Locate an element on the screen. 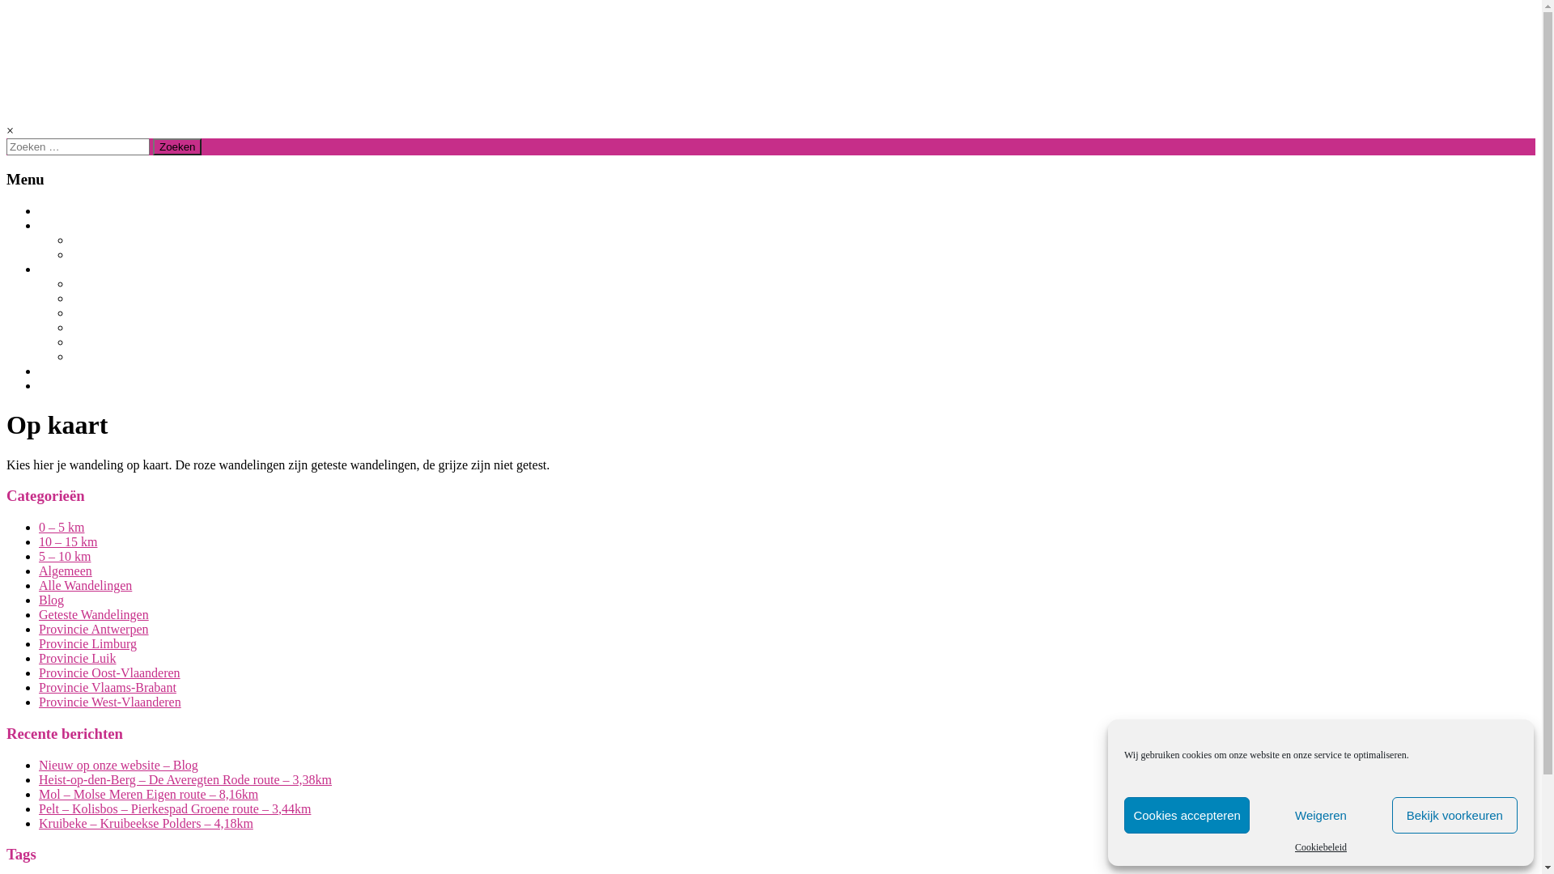 The height and width of the screenshot is (874, 1554). 'Cookiebeleid' is located at coordinates (1321, 846).